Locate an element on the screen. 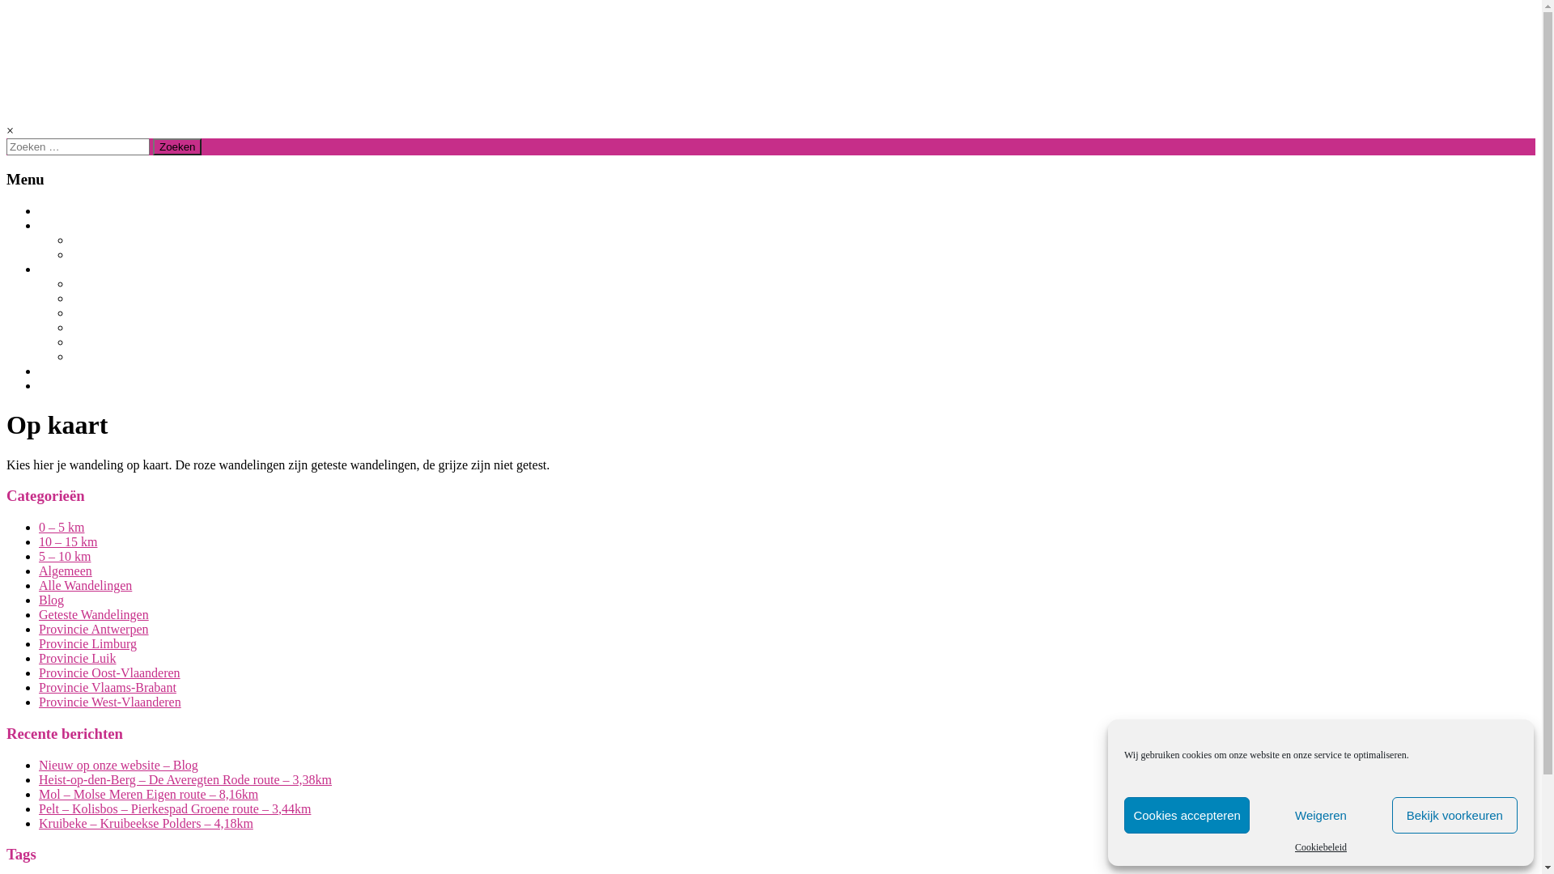 The height and width of the screenshot is (874, 1554). 'Cookiebeleid' is located at coordinates (1321, 846).